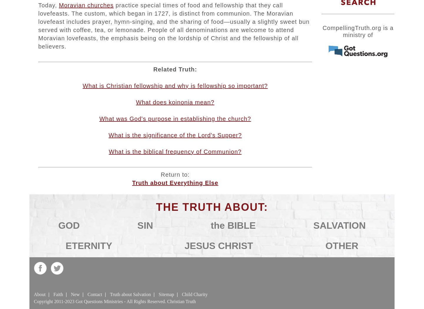 The image size is (424, 309). I want to click on 'ETERNITY', so click(89, 245).